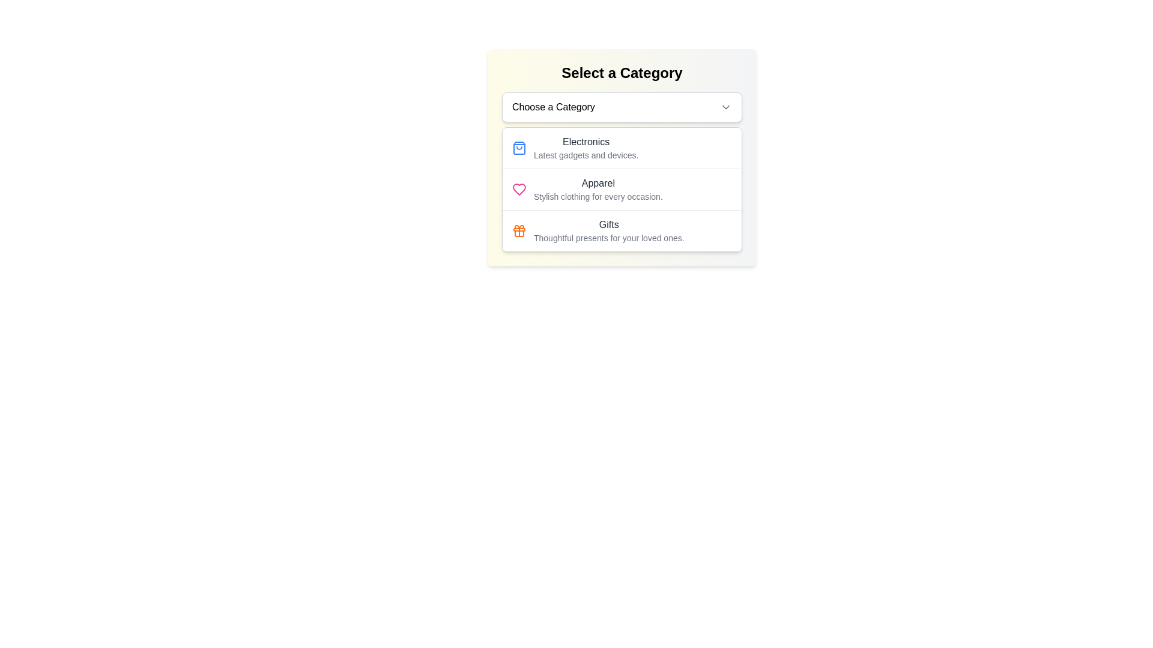  What do you see at coordinates (622, 230) in the screenshot?
I see `the 'Gifts' menu item, which is the third option in the dropdown menu labeled 'Select a Category', featuring an orange gift box icon and the subtitle 'Thoughtful presents for your loved ones.'` at bounding box center [622, 230].